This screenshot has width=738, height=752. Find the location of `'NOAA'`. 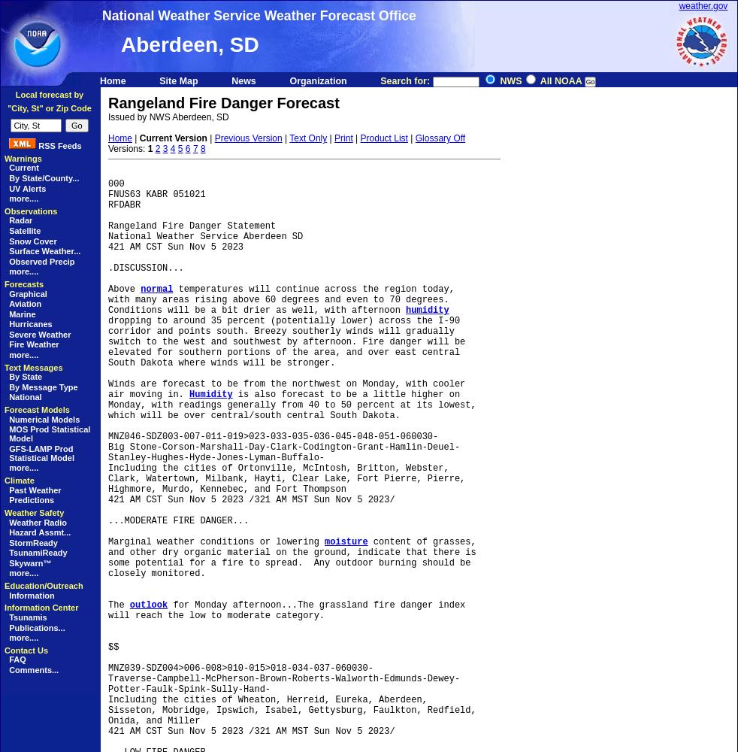

'NOAA' is located at coordinates (6, 3).